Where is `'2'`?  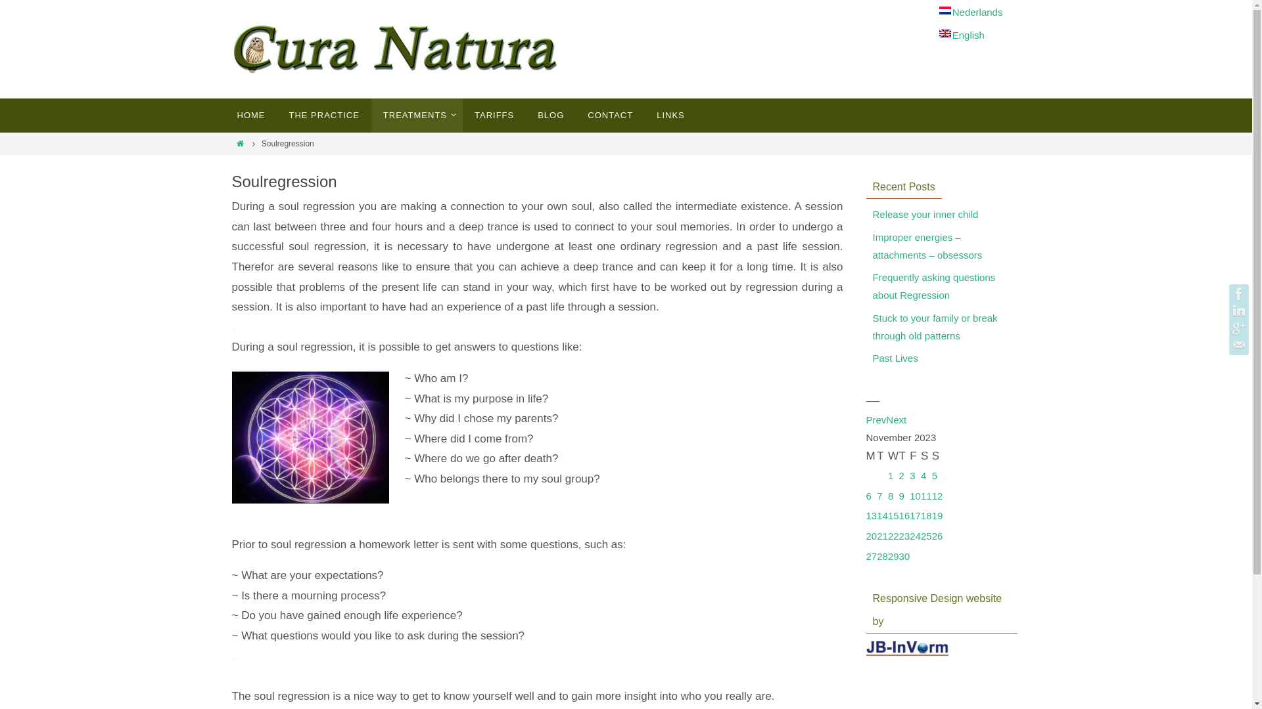
'2' is located at coordinates (901, 476).